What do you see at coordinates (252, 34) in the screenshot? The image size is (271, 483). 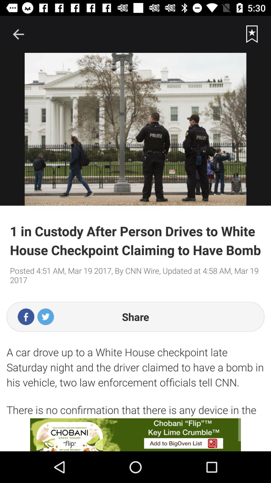 I see `the current story` at bounding box center [252, 34].